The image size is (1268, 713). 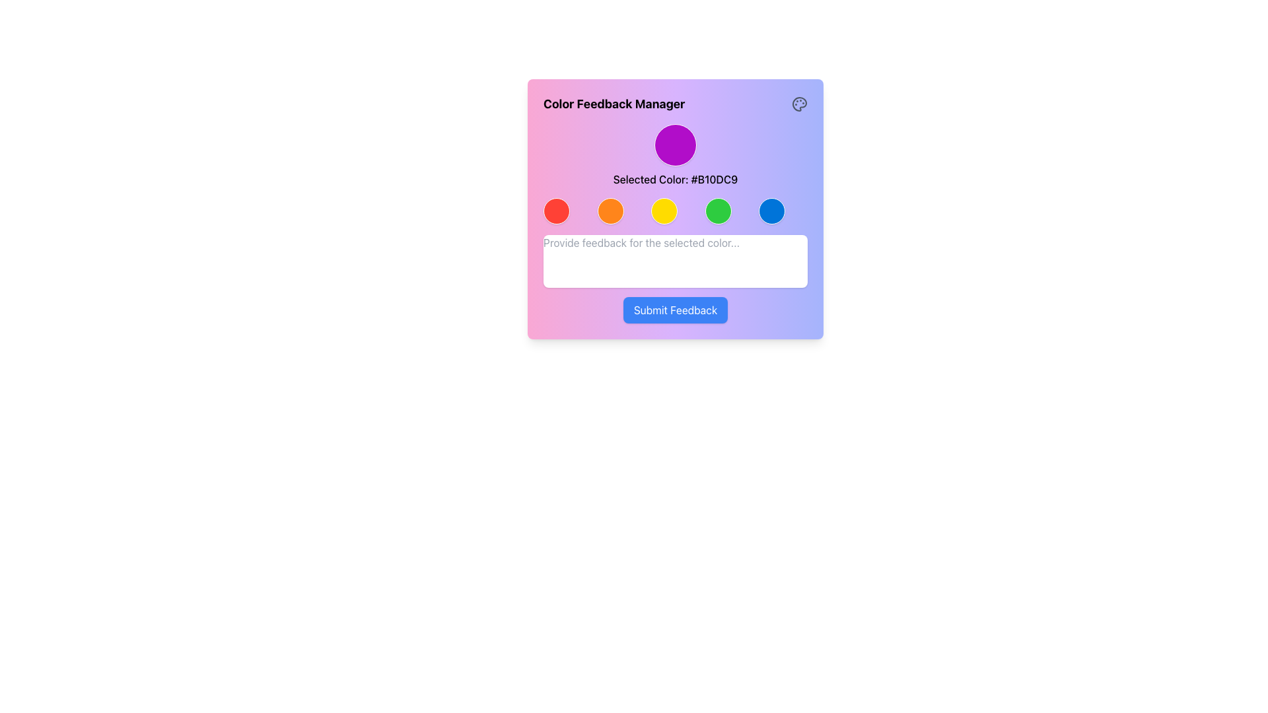 I want to click on any of the circular buttons in the horizontal group located below the text 'Selected Color: #B10DC9' and above the 'Submit Feedback' button, so click(x=675, y=211).